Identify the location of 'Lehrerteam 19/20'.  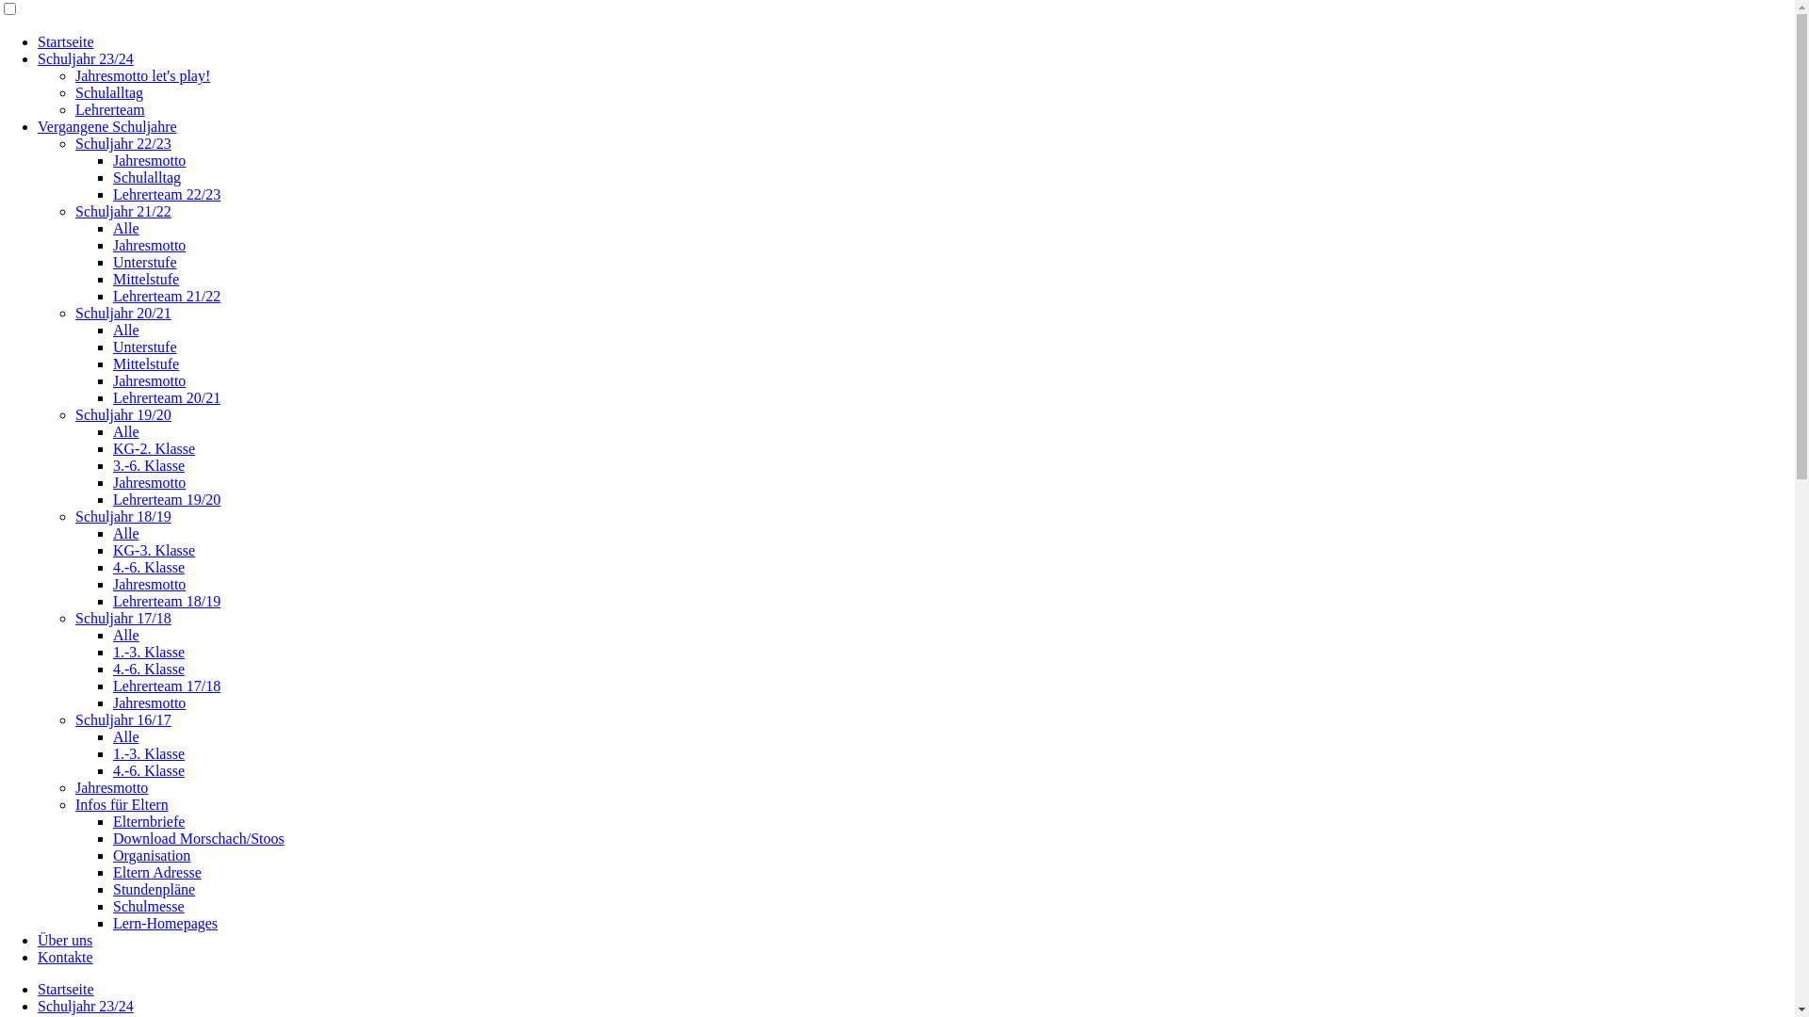
(167, 498).